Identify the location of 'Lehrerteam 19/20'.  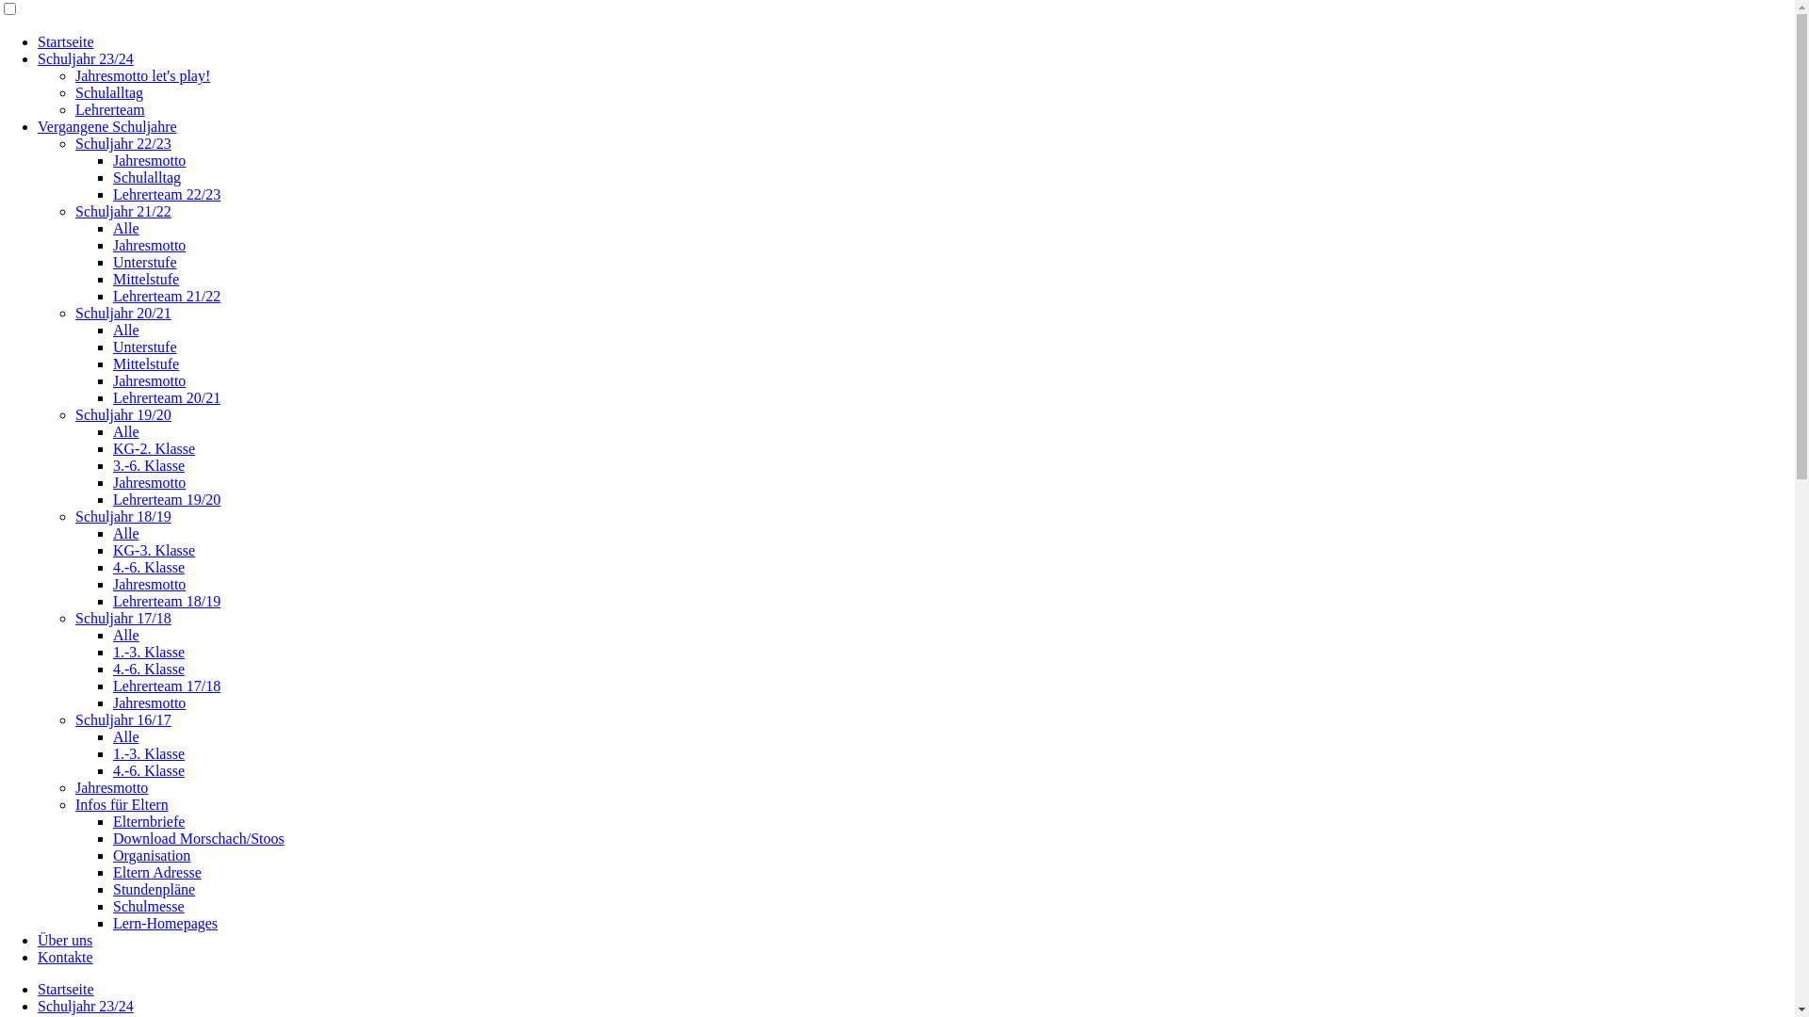
(167, 498).